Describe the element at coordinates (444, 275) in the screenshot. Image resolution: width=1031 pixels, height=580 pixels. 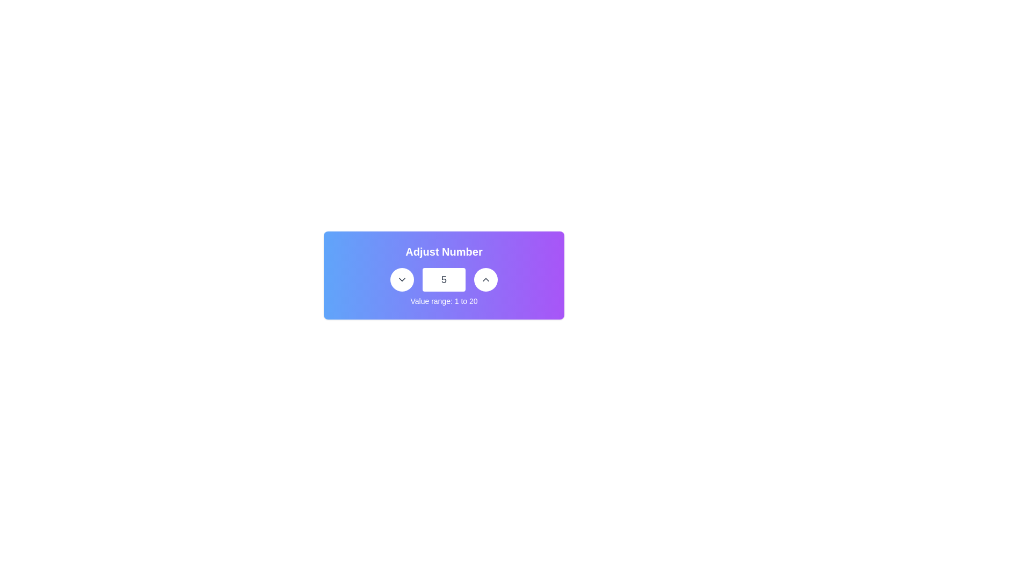
I see `the numeric input box of the Composite UI component for numeric value adjustment labeled 'Adjust Number'` at that location.